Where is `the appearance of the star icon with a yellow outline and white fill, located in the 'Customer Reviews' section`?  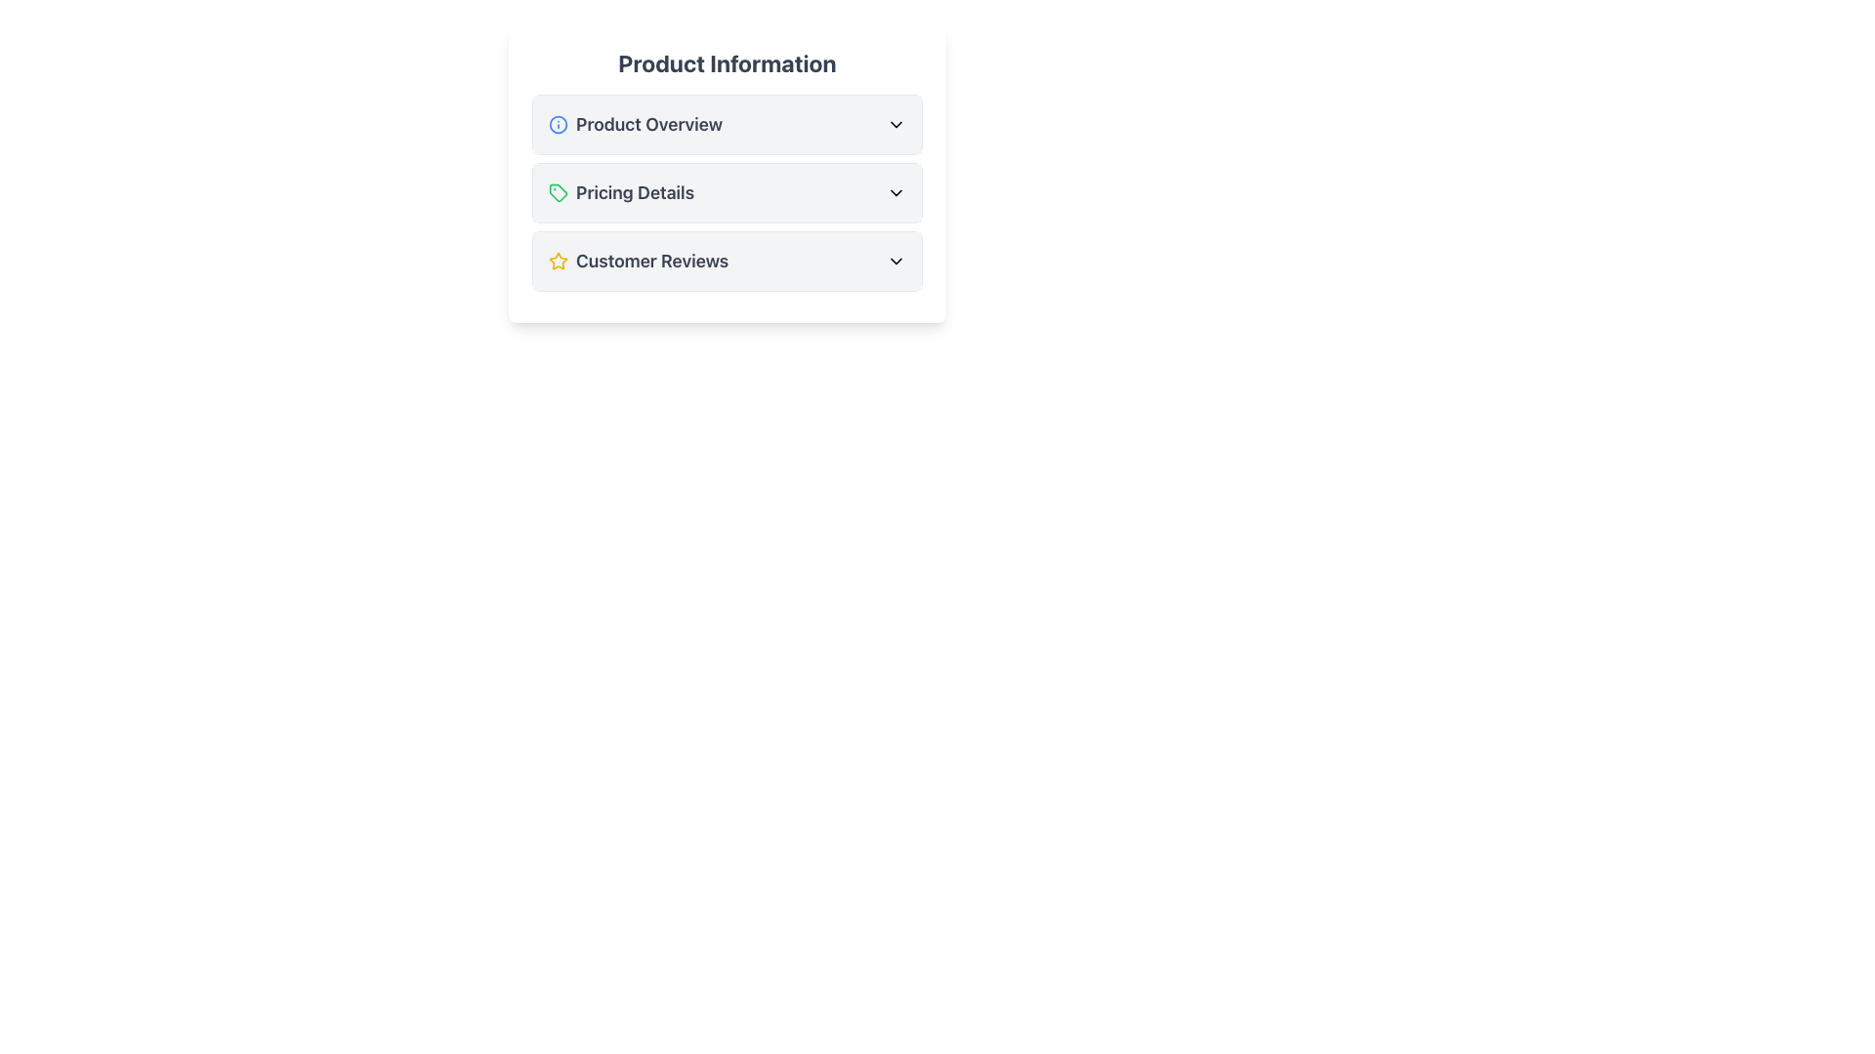 the appearance of the star icon with a yellow outline and white fill, located in the 'Customer Reviews' section is located at coordinates (557, 260).